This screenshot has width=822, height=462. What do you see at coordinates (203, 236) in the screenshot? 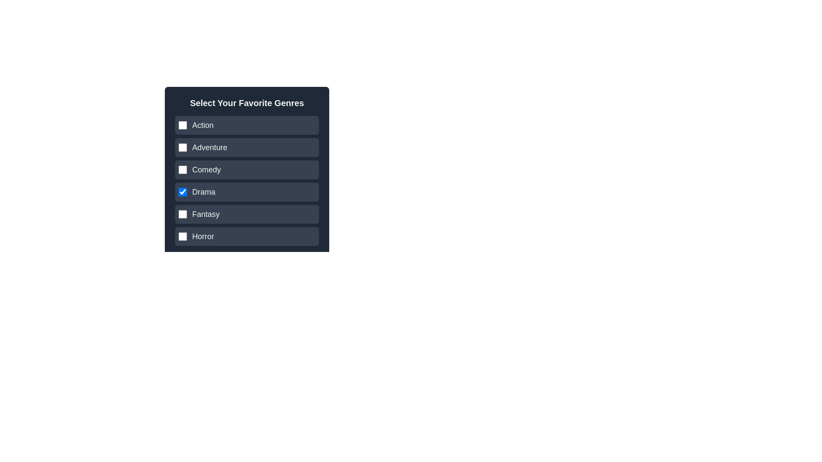
I see `the text label displaying 'Horror' within the dark rectangular background, located in the sixth entry of a vertical list of options` at bounding box center [203, 236].